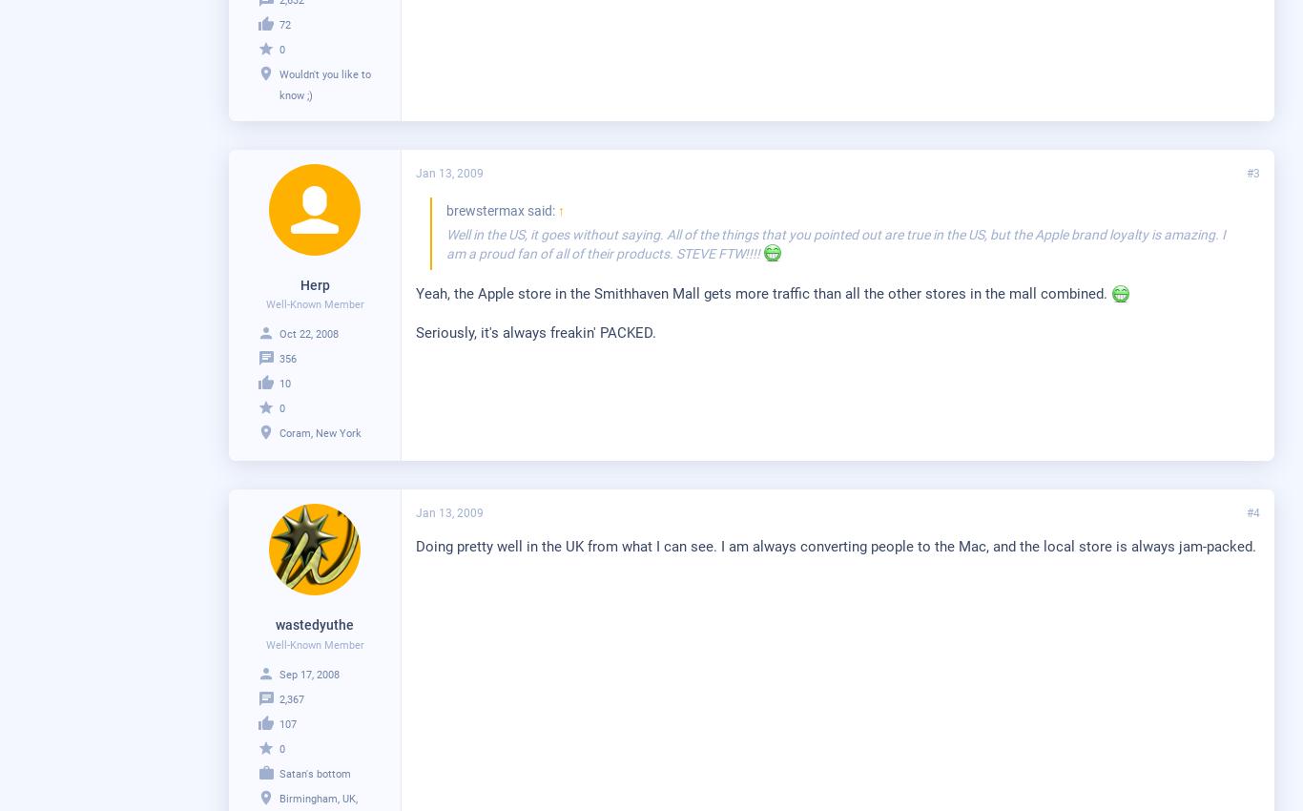 Image resolution: width=1303 pixels, height=811 pixels. Describe the element at coordinates (502, 209) in the screenshot. I see `'brewstermax said:'` at that location.